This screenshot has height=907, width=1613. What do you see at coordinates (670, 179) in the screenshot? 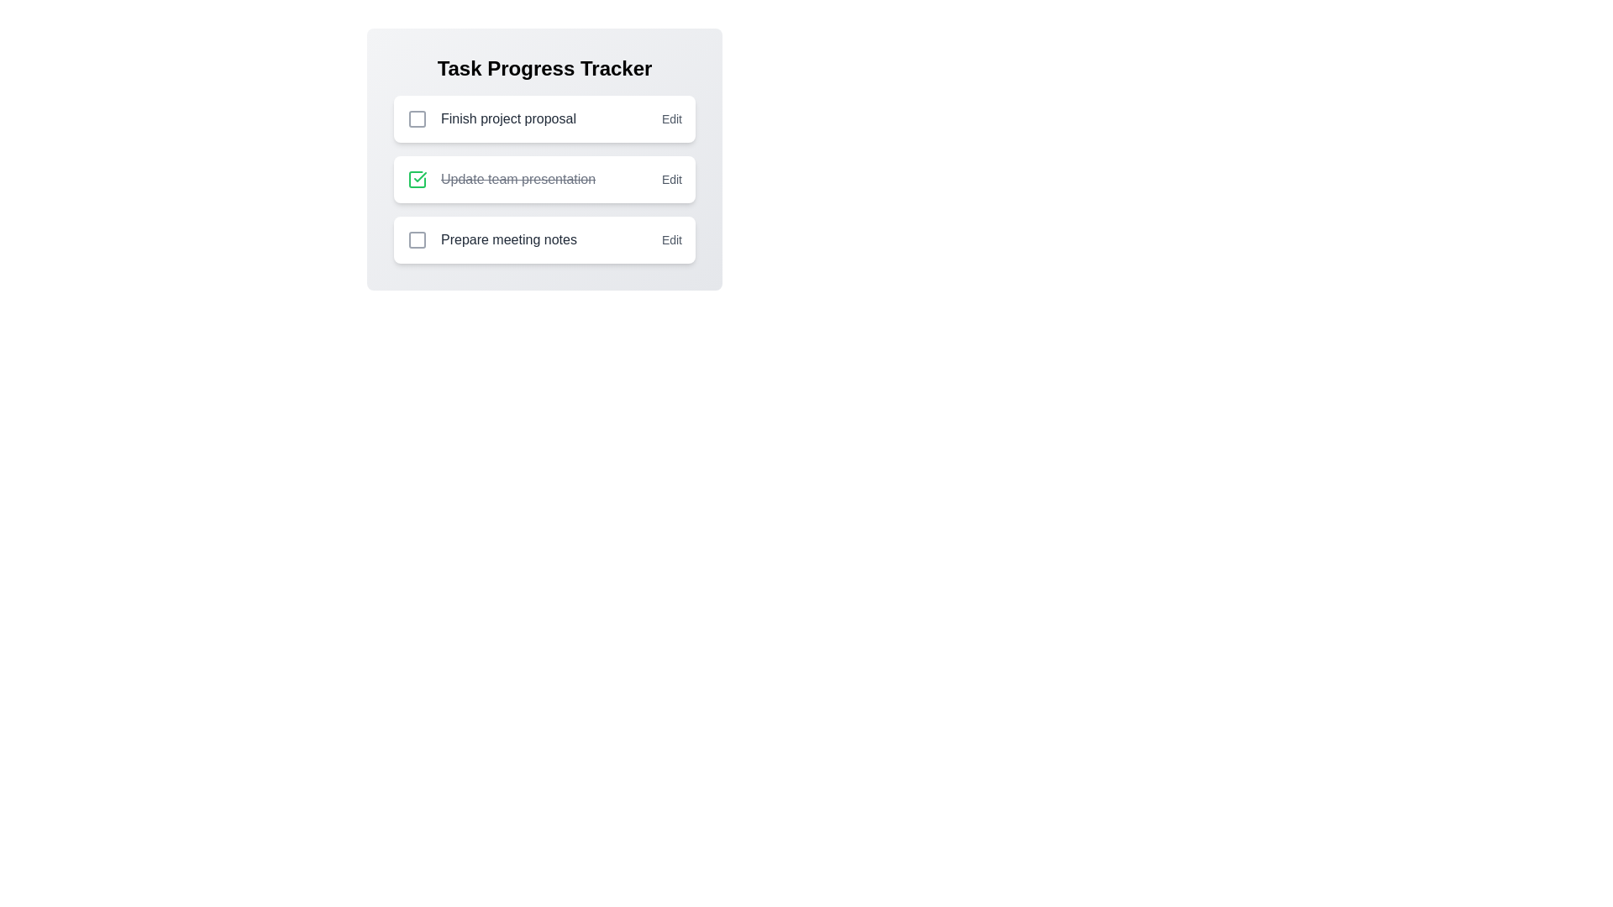
I see `the 'Edit' button for the task 'Update team presentation'` at bounding box center [670, 179].